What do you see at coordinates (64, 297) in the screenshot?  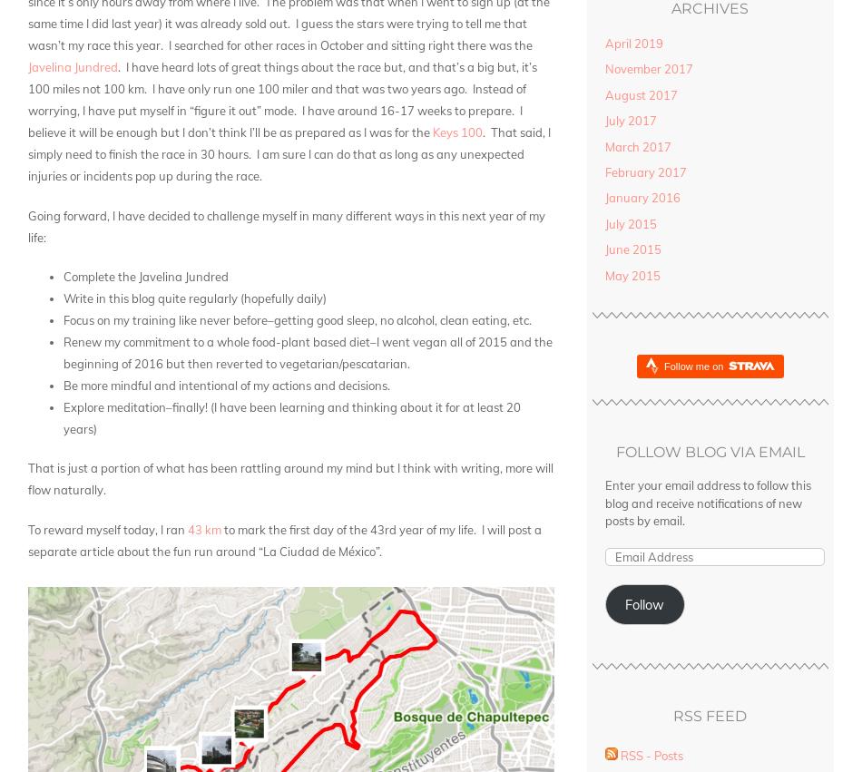 I see `'Write in this blog quite regularly (hopefully daily)'` at bounding box center [64, 297].